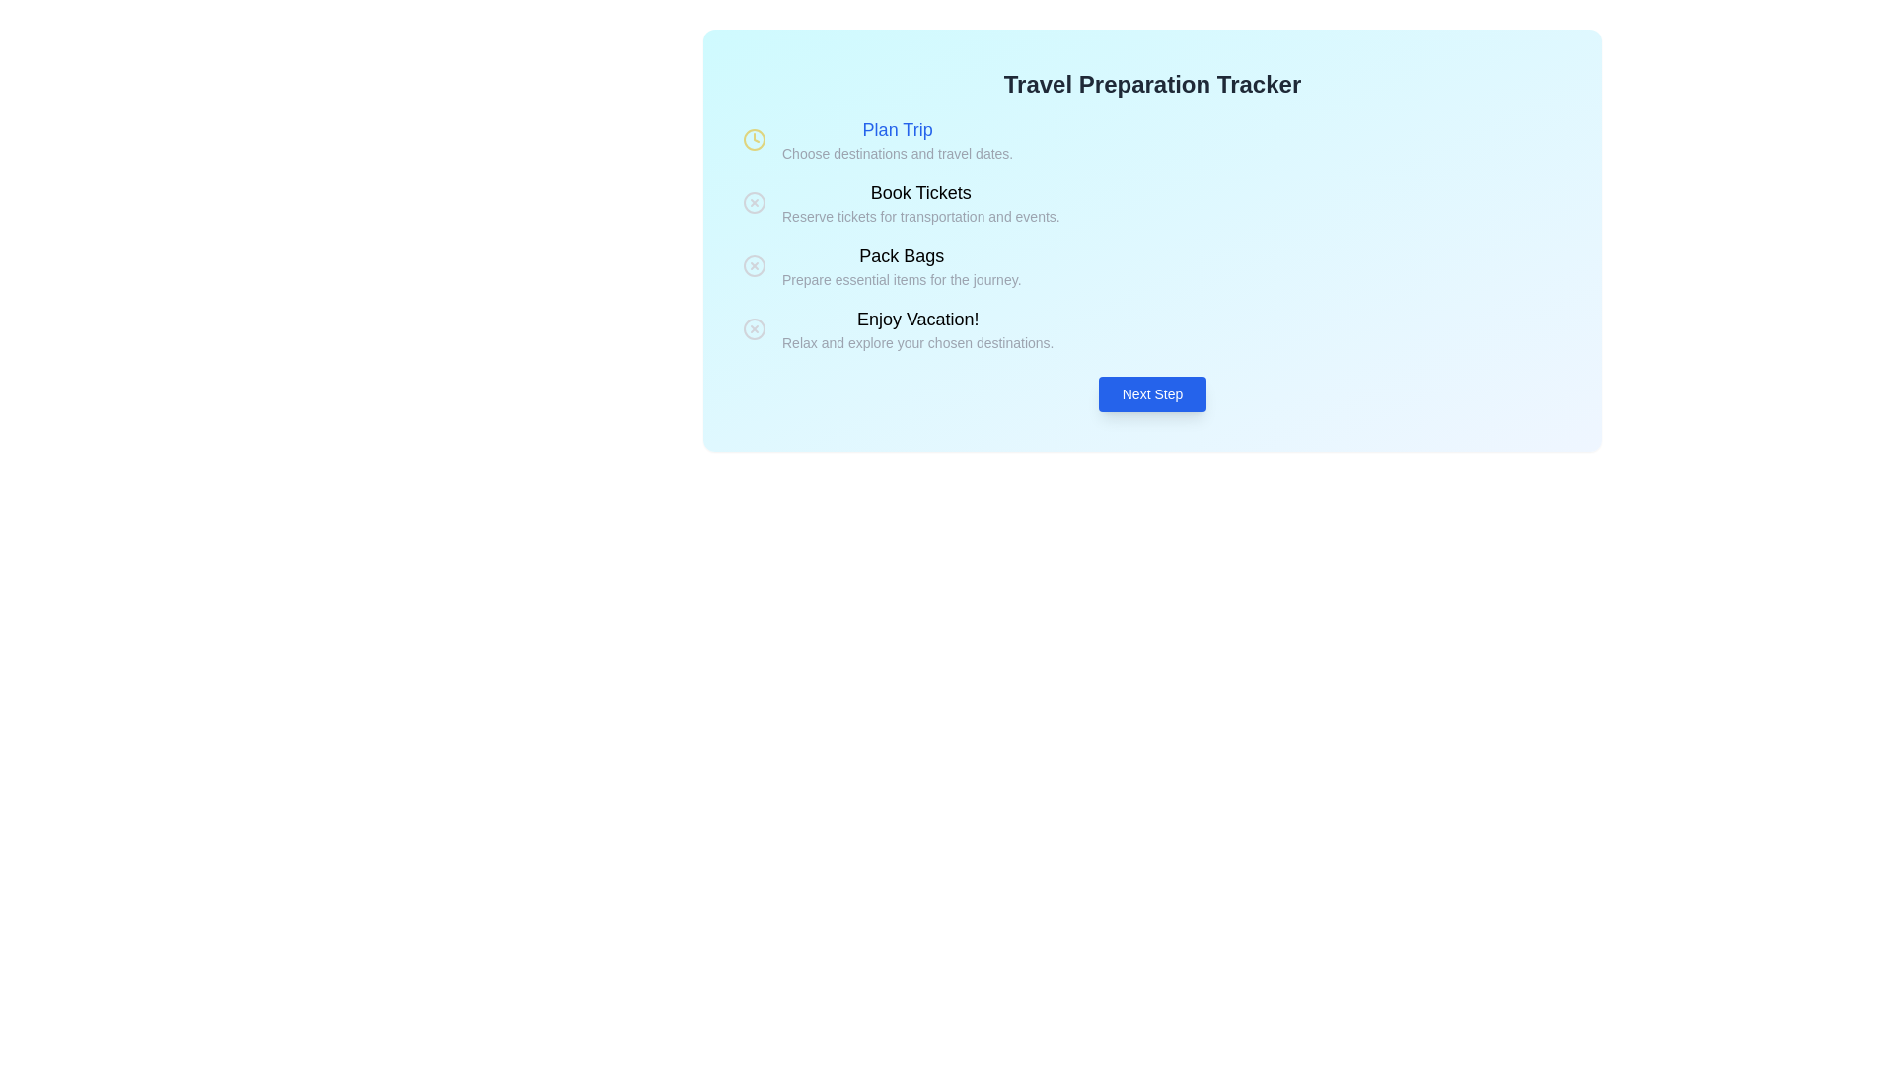 Image resolution: width=1894 pixels, height=1065 pixels. What do you see at coordinates (753, 139) in the screenshot?
I see `the animation of the 'time' or 'schedule' icon located in the 'Plan Trip' section, which is the first visual item aligned to the left of the 'Plan Trip' text` at bounding box center [753, 139].